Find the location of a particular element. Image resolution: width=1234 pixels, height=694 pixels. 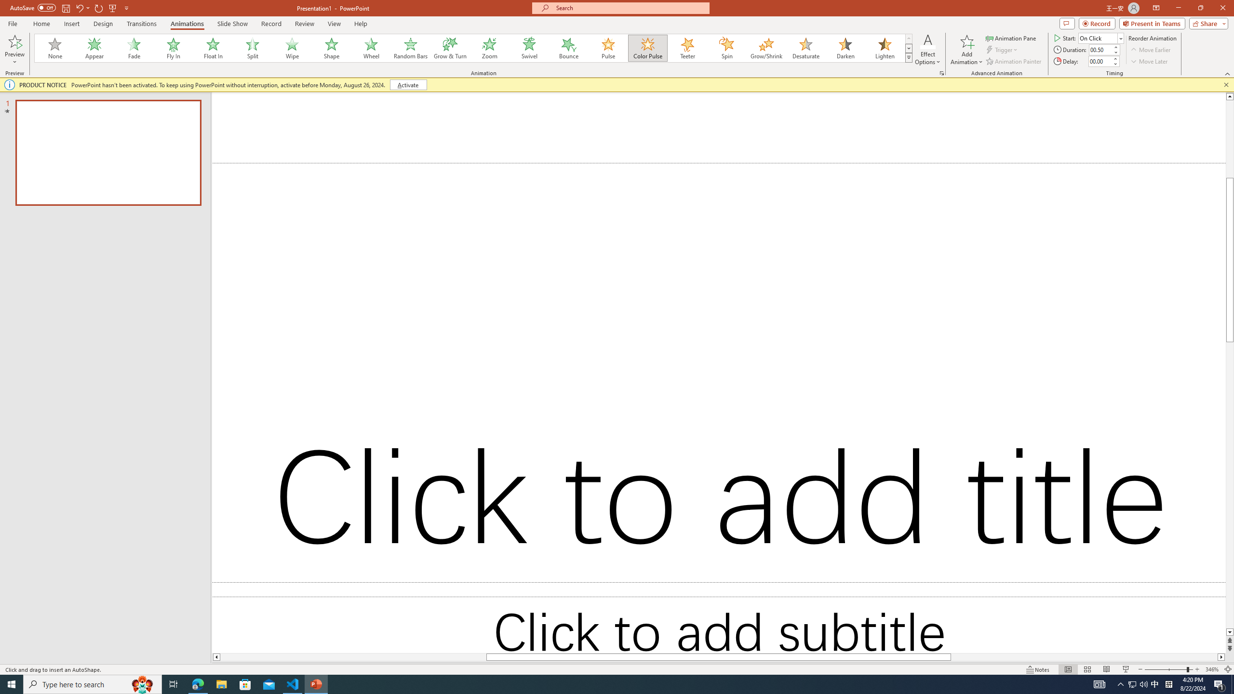

'Effect Options' is located at coordinates (927, 50).